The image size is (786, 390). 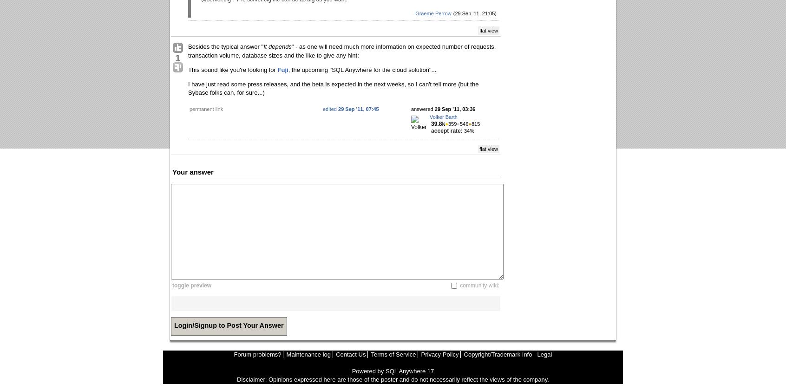 I want to click on 'I have just read some press releases, and the beta is expected in the next weeks, so I can't tell more (but the Sybase folks can, for sure...)', so click(x=333, y=88).